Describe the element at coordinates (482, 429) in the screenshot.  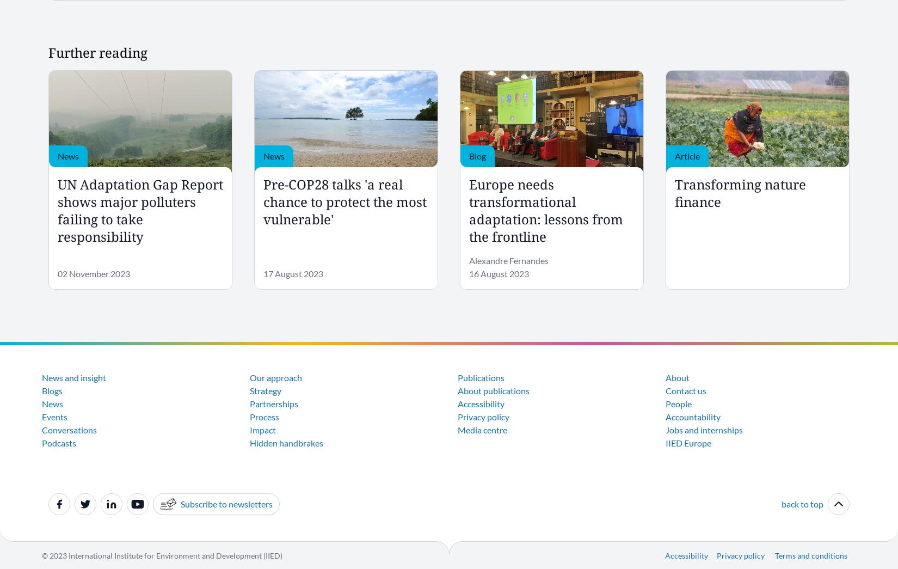
I see `'Media centre'` at that location.